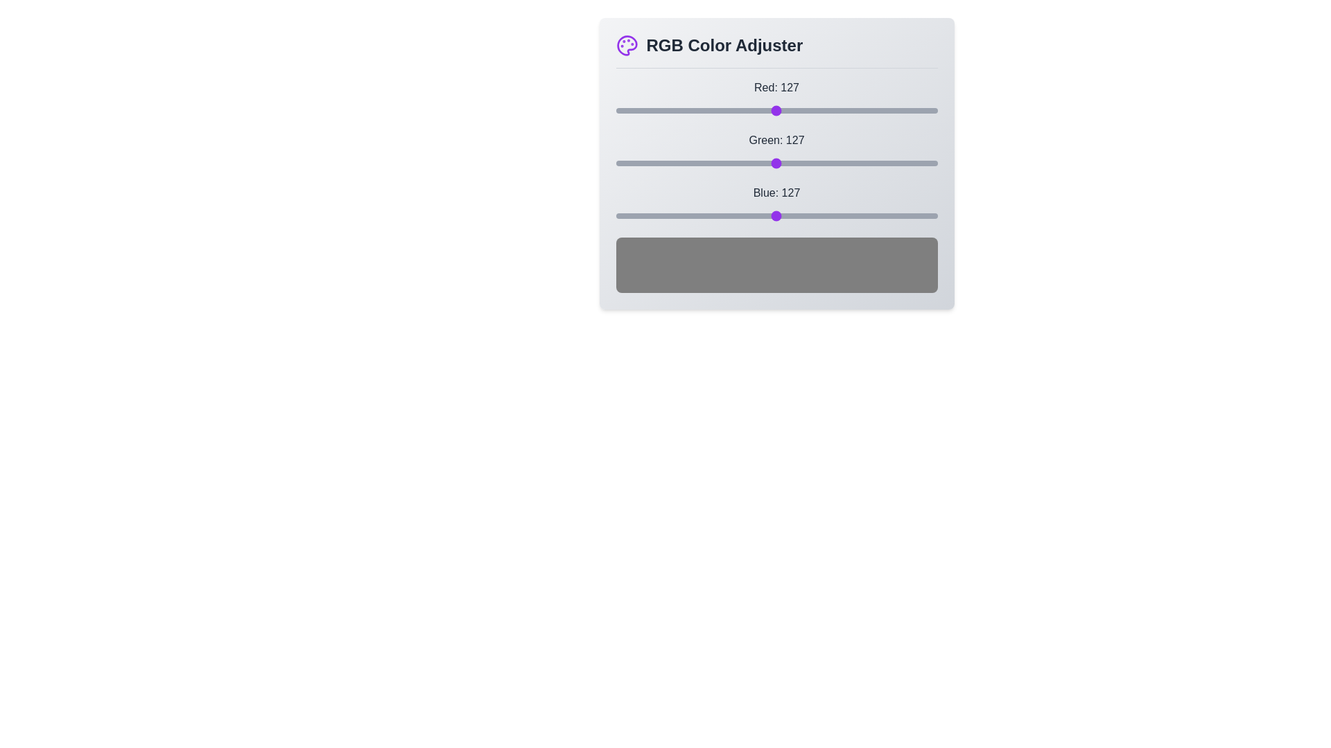 The height and width of the screenshot is (748, 1331). Describe the element at coordinates (685, 109) in the screenshot. I see `the red slider to set the red component to 55` at that location.